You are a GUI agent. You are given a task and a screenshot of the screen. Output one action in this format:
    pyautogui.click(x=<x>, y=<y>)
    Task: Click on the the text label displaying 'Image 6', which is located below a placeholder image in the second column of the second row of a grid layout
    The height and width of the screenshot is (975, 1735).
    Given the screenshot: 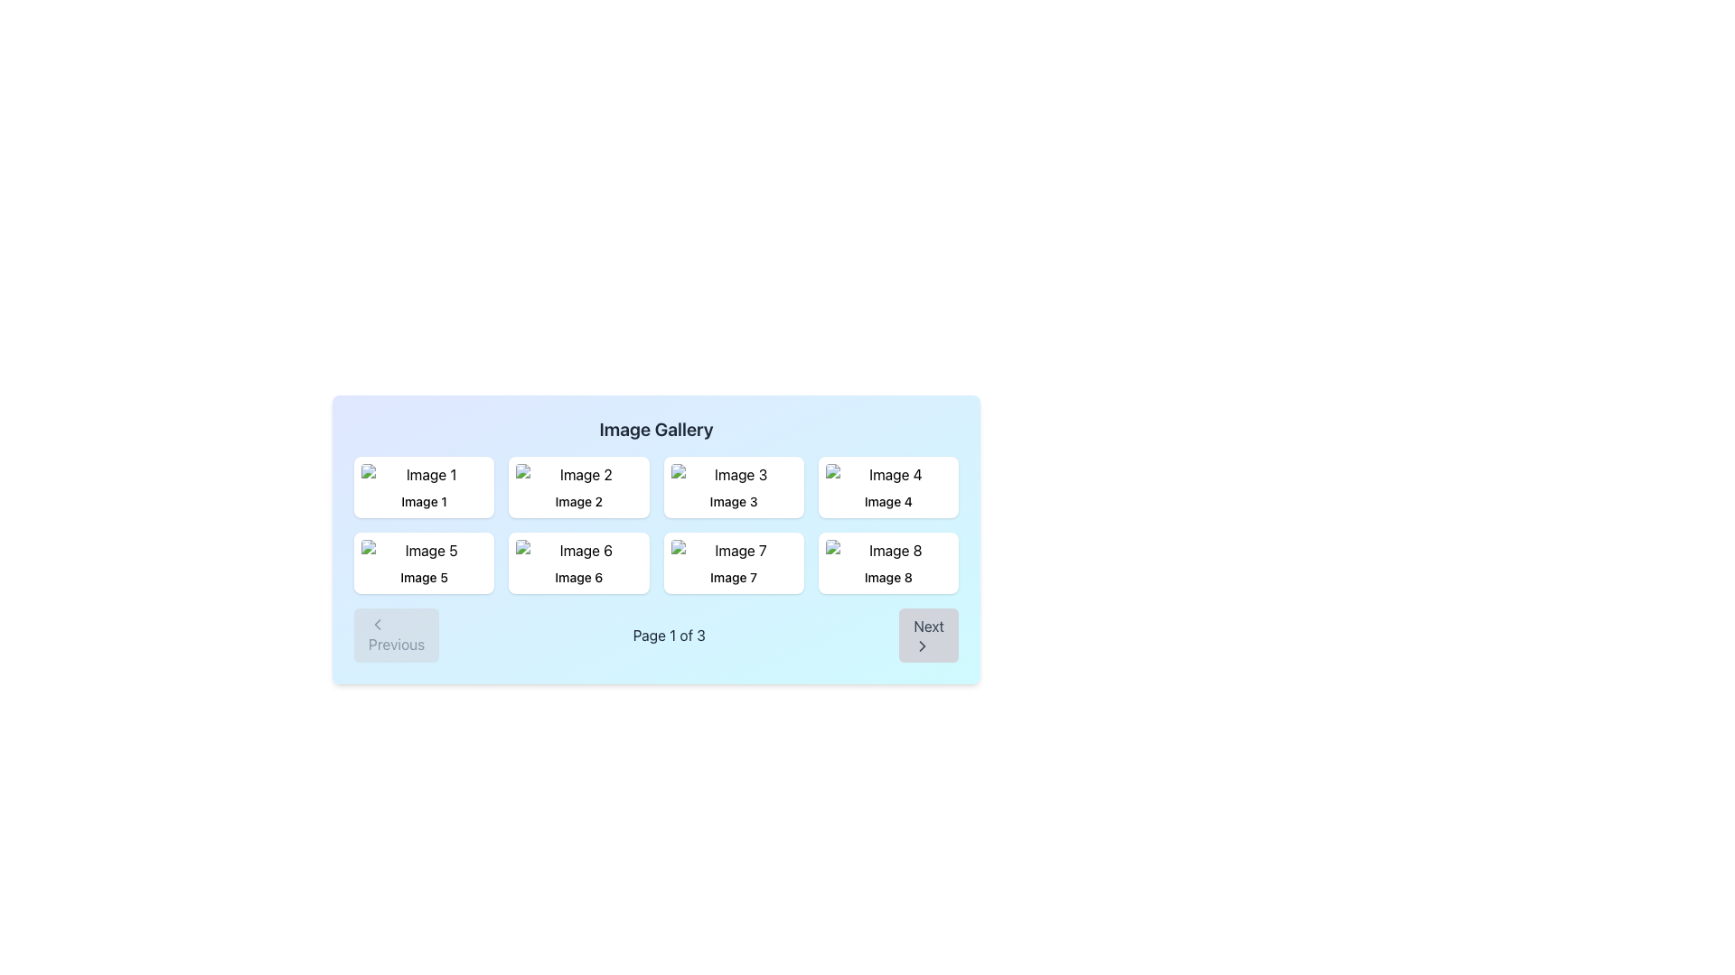 What is the action you would take?
    pyautogui.click(x=578, y=578)
    